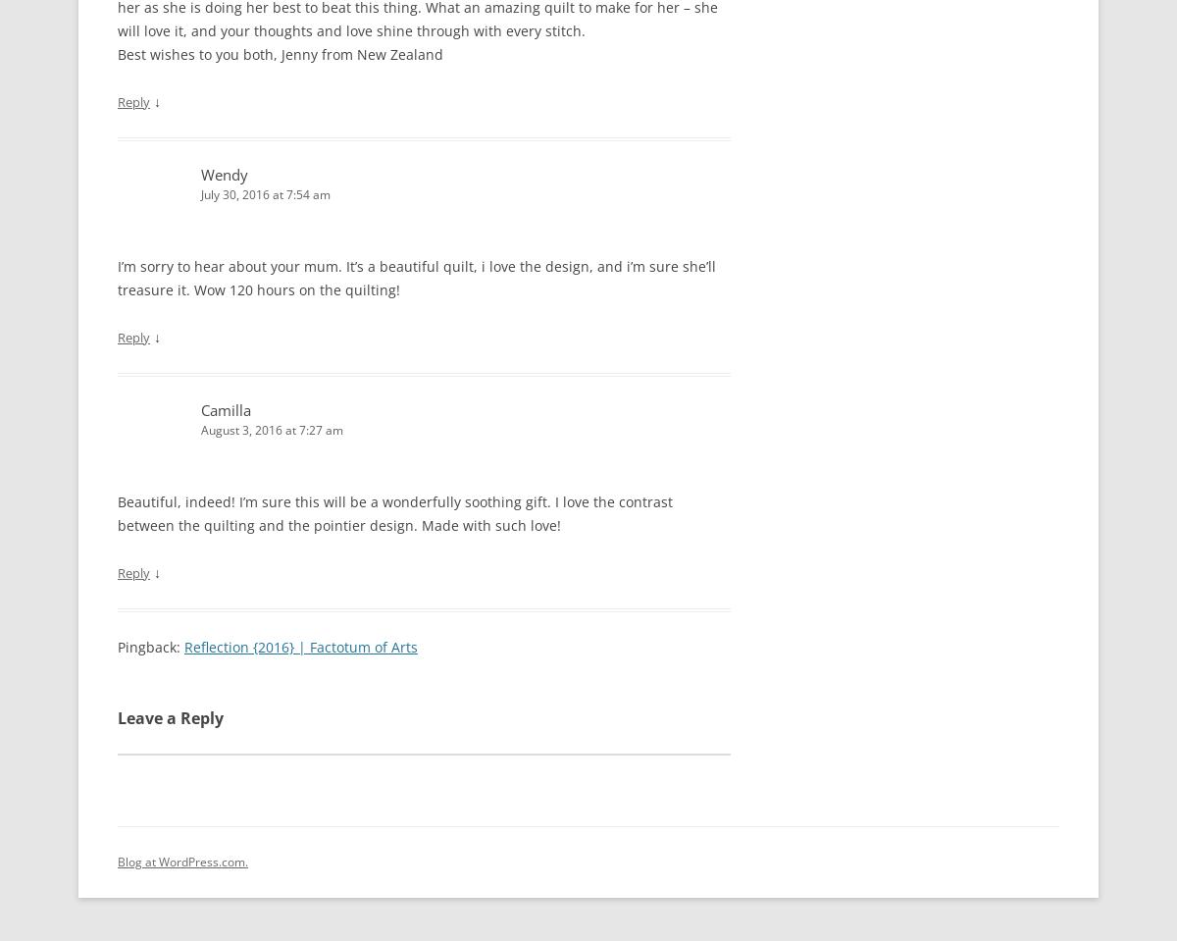  What do you see at coordinates (181, 860) in the screenshot?
I see `'Blog at WordPress.com.'` at bounding box center [181, 860].